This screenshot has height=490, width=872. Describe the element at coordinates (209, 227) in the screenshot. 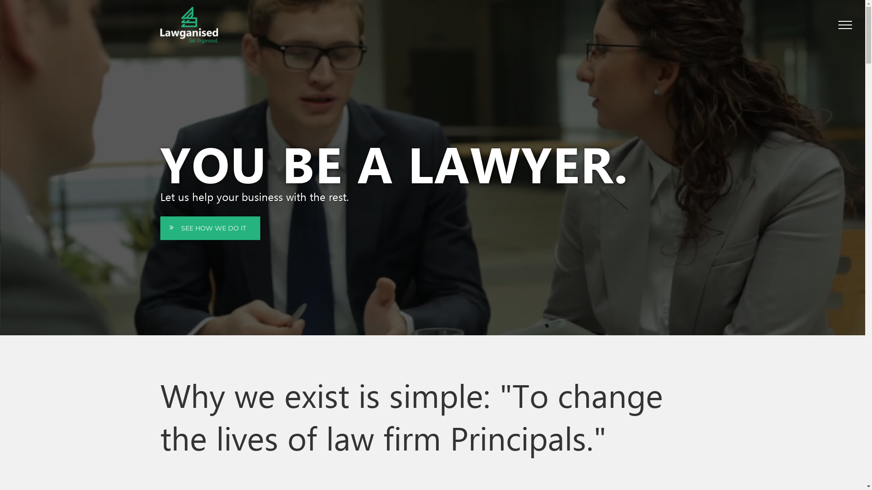

I see `'SEE HOW WE DO IT'` at that location.